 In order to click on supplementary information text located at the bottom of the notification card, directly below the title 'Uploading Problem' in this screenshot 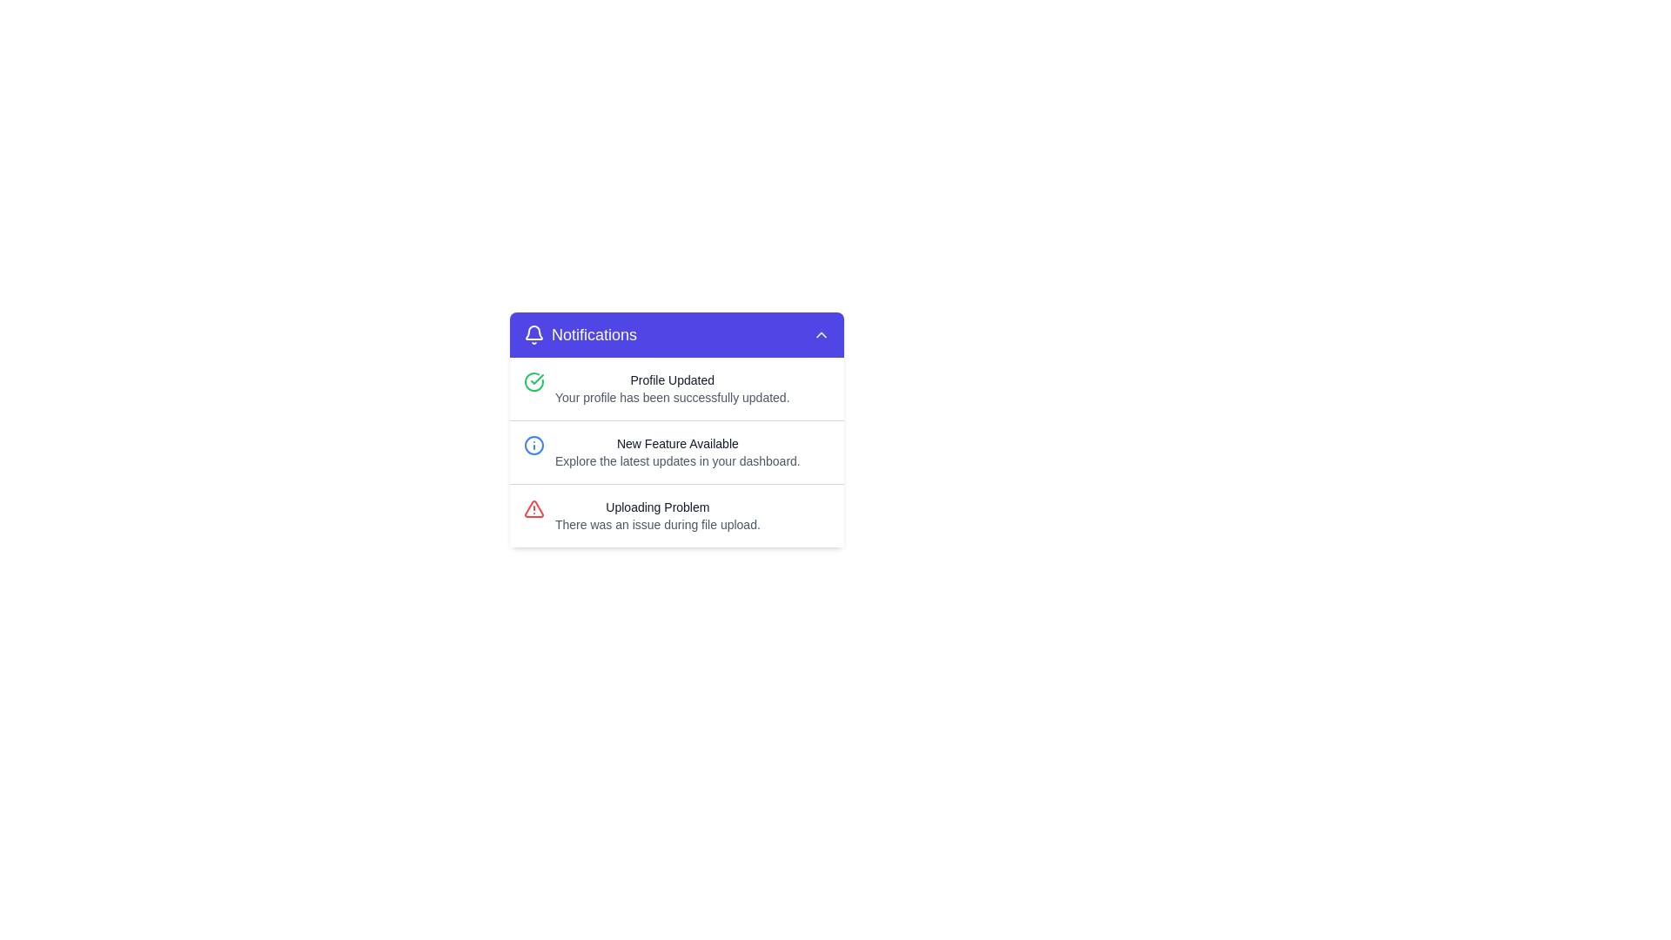, I will do `click(656, 523)`.